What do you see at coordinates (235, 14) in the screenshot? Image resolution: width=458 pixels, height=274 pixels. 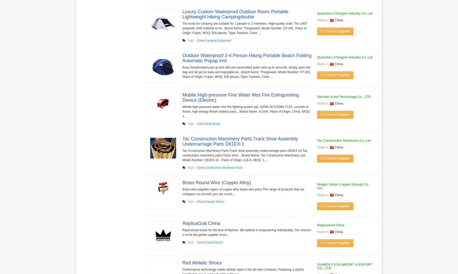 I see `'Luxury Custom Waterproof Outdoor Room Portable Lightweight Hiking Campingdouble'` at bounding box center [235, 14].